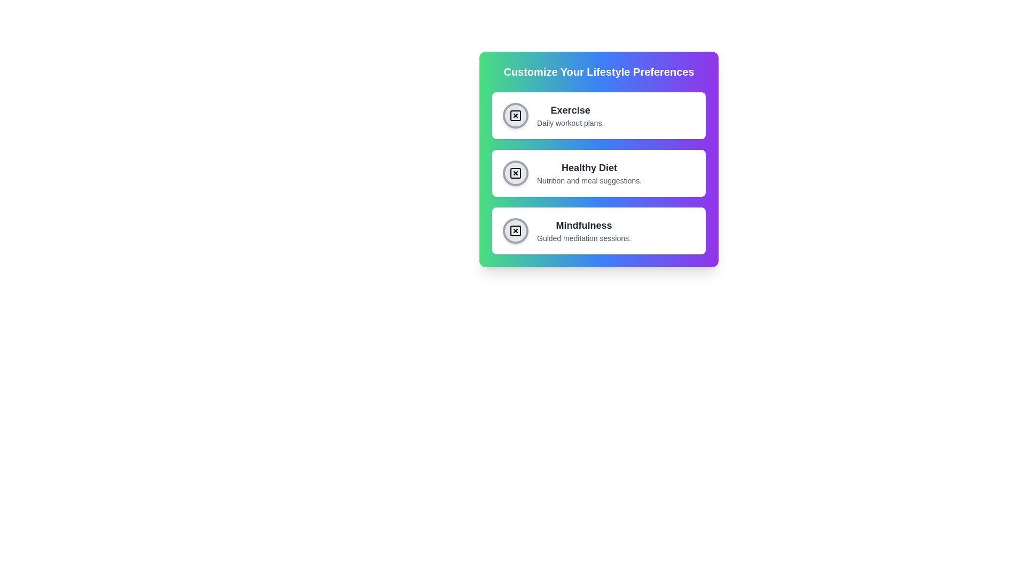 This screenshot has height=576, width=1025. What do you see at coordinates (515, 172) in the screenshot?
I see `the deletion icon associated with the 'Healthy Diet' option in the 'Customize Your Lifestyle Preferences' panel` at bounding box center [515, 172].